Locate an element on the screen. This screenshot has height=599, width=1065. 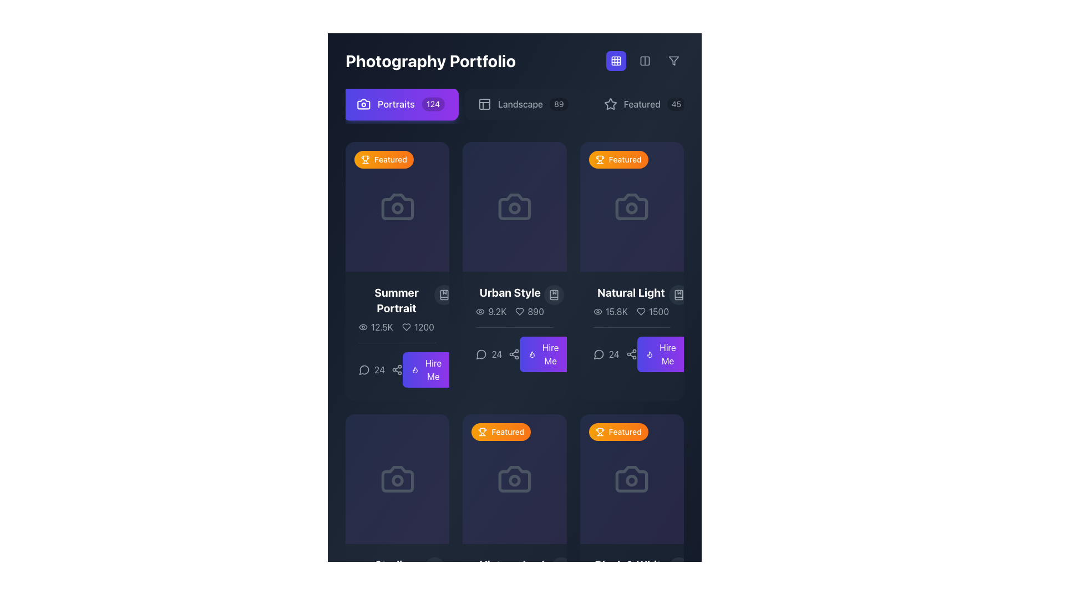
the 'Featured' label, which is an orange ribbon-like badge located in the lower row of the gallery, specifically in the rightmost cell of the row is located at coordinates (625, 432).